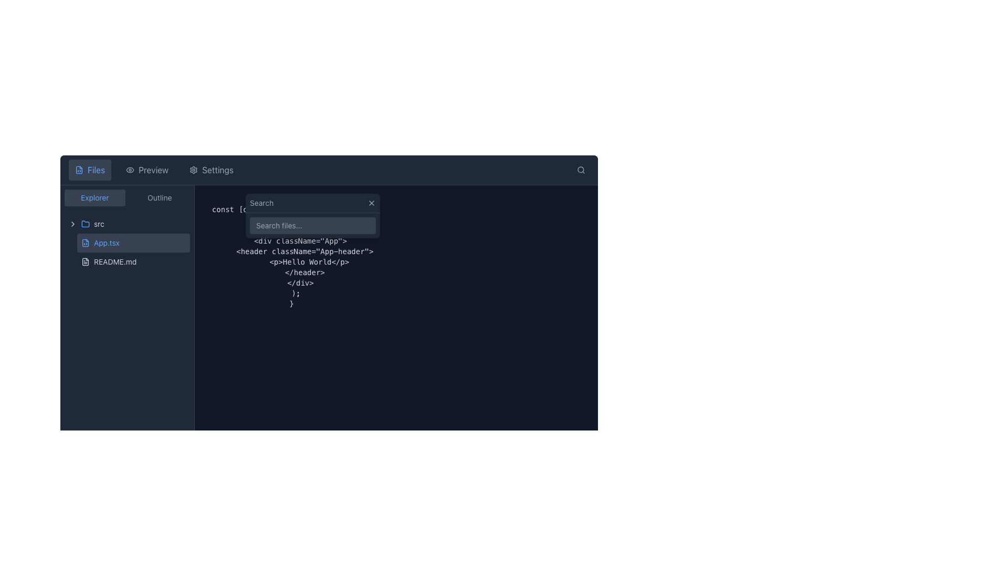 The width and height of the screenshot is (1008, 567). I want to click on the File entry named 'App.tsx' in the navigation panel, so click(127, 243).